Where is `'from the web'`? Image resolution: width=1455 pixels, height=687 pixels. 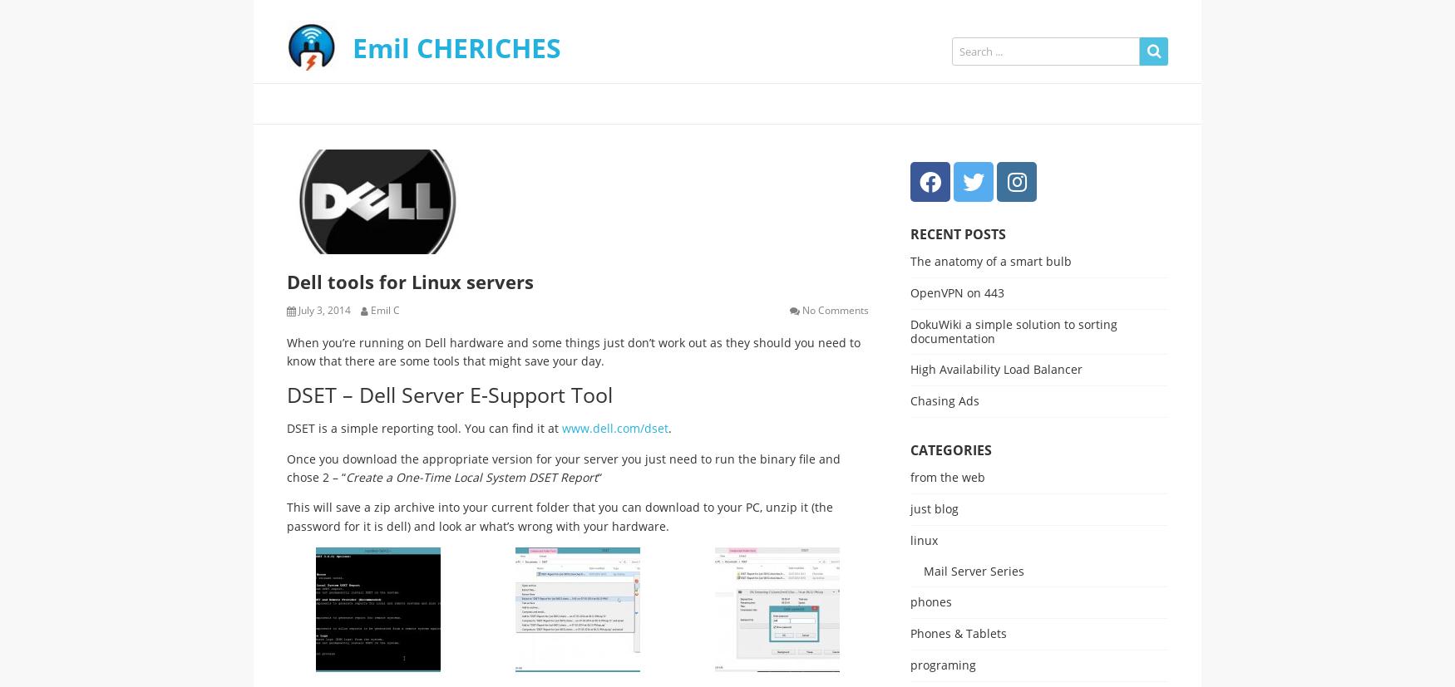
'from the web' is located at coordinates (946, 477).